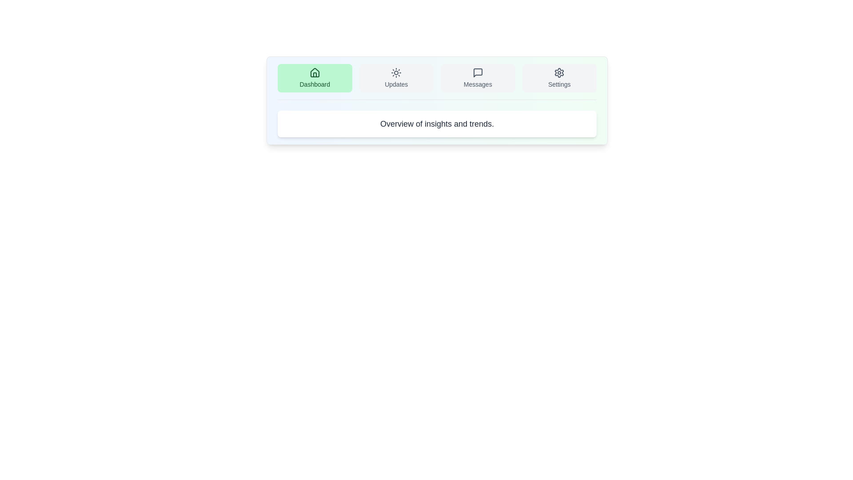 This screenshot has width=853, height=480. I want to click on the tab labeled Settings to observe the hover effect, so click(559, 78).